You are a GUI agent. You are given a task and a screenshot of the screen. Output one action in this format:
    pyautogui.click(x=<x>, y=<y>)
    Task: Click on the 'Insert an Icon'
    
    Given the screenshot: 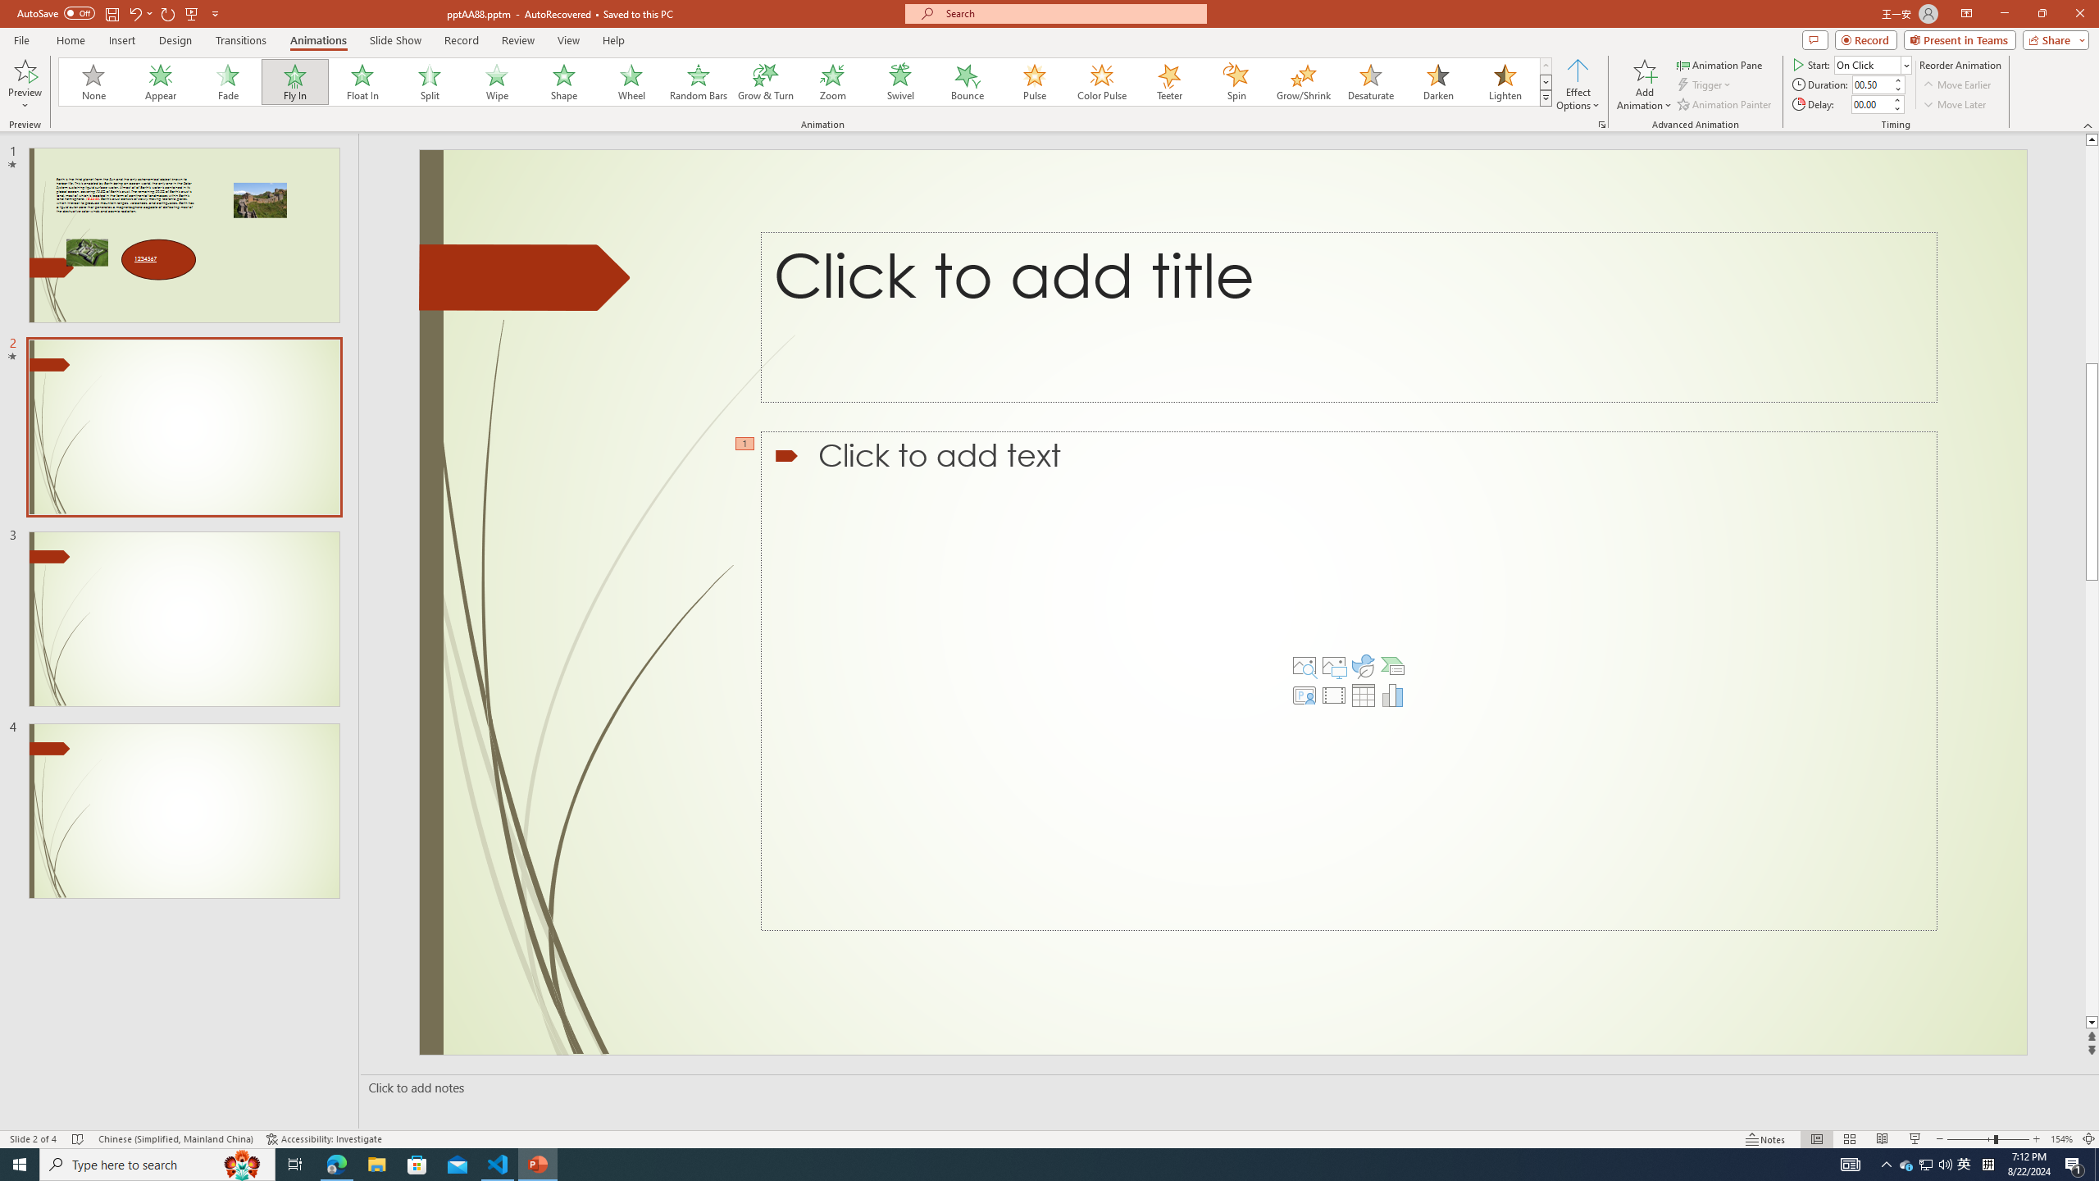 What is the action you would take?
    pyautogui.click(x=1363, y=665)
    